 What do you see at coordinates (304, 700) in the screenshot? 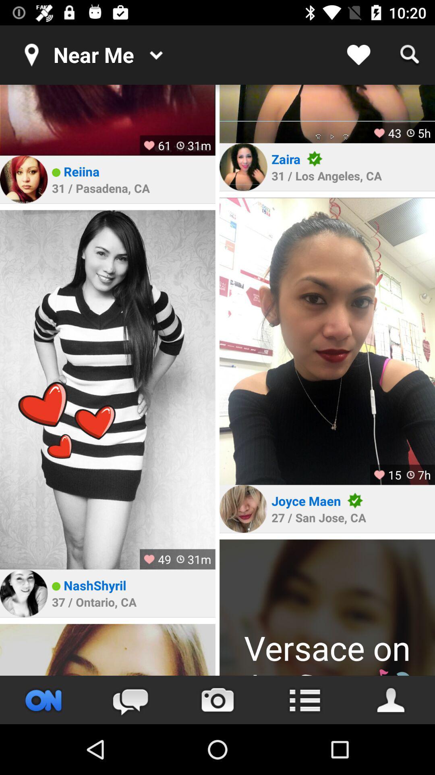
I see `open options menu` at bounding box center [304, 700].